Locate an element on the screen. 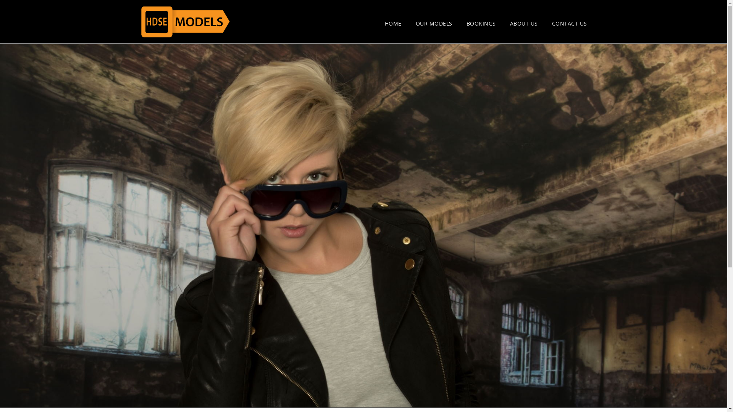  'HOME' is located at coordinates (385, 23).